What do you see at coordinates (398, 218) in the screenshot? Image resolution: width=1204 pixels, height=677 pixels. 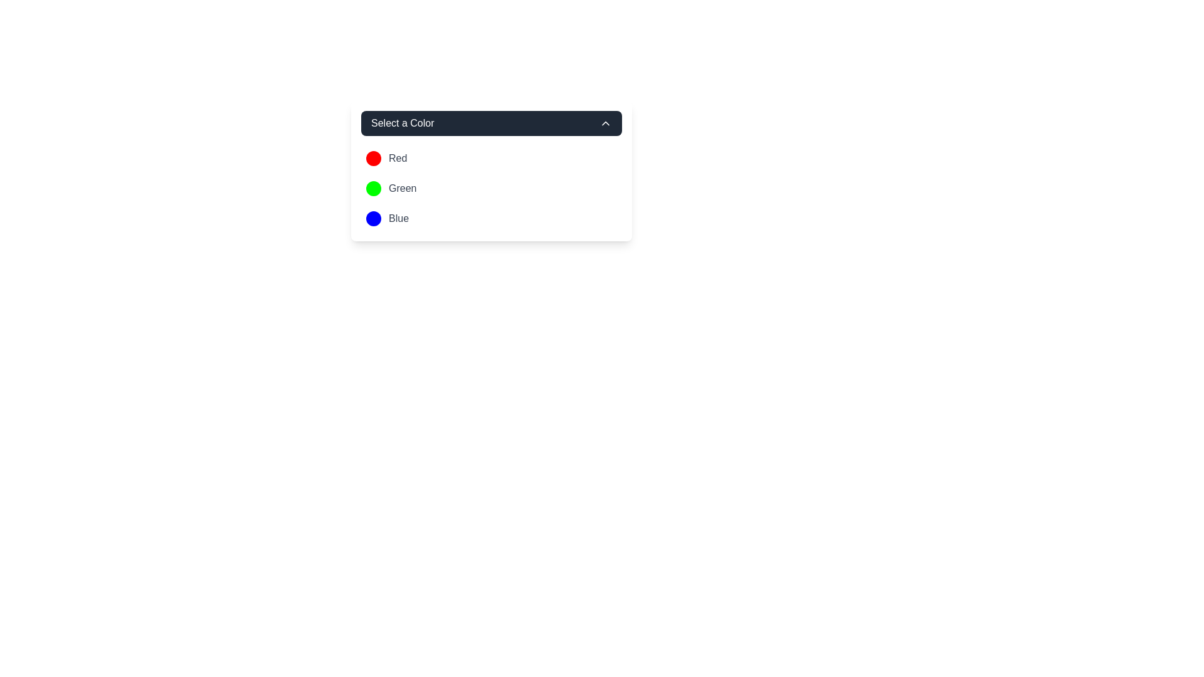 I see `the text label that serves as a selection option indicator within the dropdown list, located to the right of a blue circular element` at bounding box center [398, 218].